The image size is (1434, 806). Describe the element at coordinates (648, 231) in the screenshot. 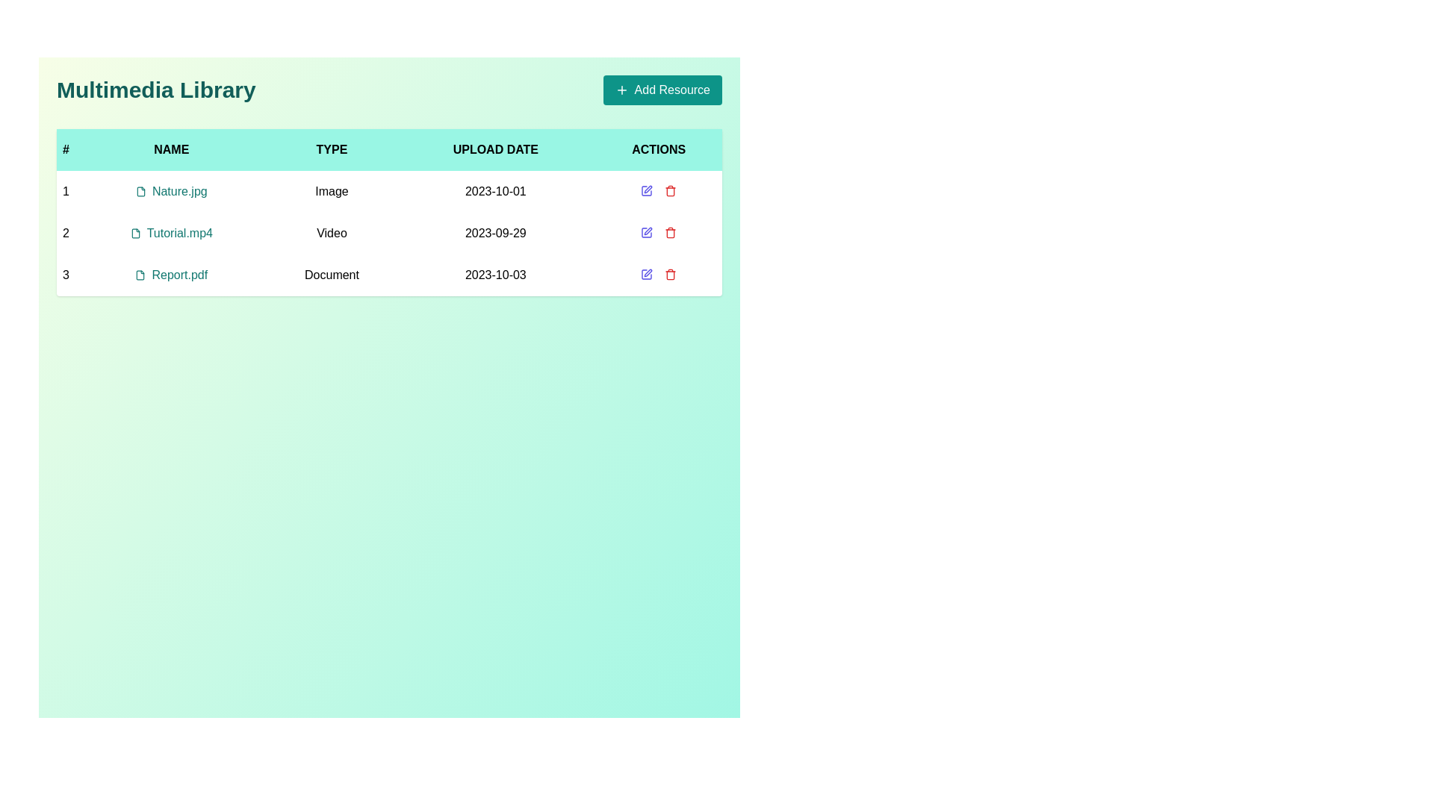

I see `the edit button located in the Actions column of the second row of the table, which is positioned to the left of the red trash bin icon` at that location.